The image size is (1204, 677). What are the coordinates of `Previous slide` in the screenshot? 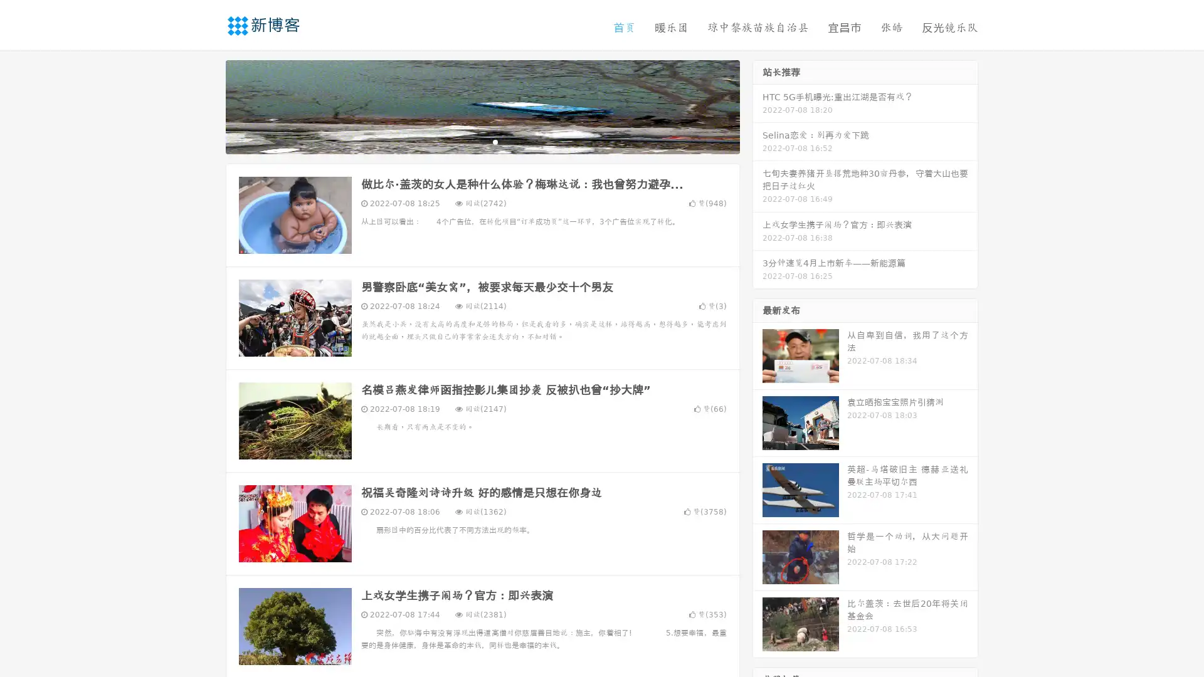 It's located at (207, 105).